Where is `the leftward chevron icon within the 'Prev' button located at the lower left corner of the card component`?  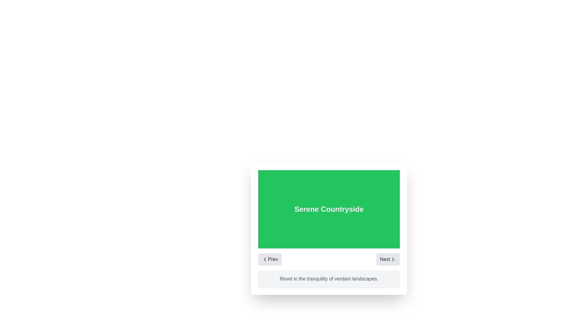 the leftward chevron icon within the 'Prev' button located at the lower left corner of the card component is located at coordinates (265, 259).